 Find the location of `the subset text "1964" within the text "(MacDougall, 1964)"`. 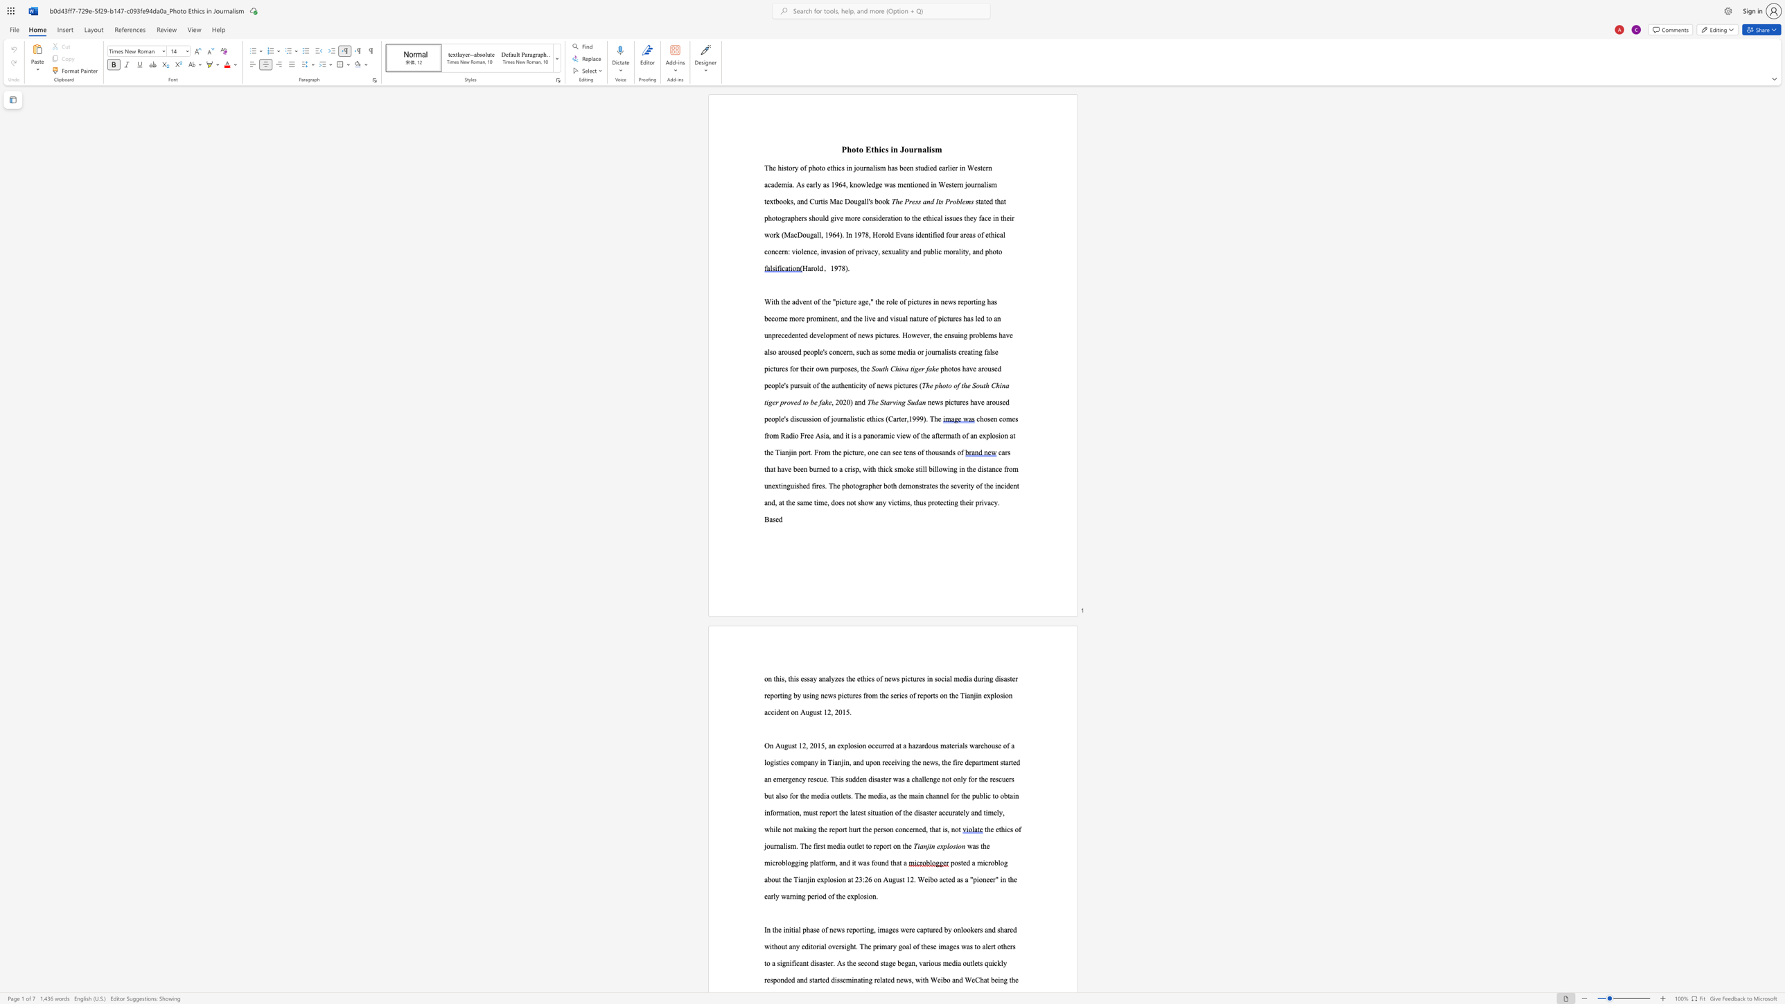

the subset text "1964" within the text "(MacDougall, 1964)" is located at coordinates (824, 234).